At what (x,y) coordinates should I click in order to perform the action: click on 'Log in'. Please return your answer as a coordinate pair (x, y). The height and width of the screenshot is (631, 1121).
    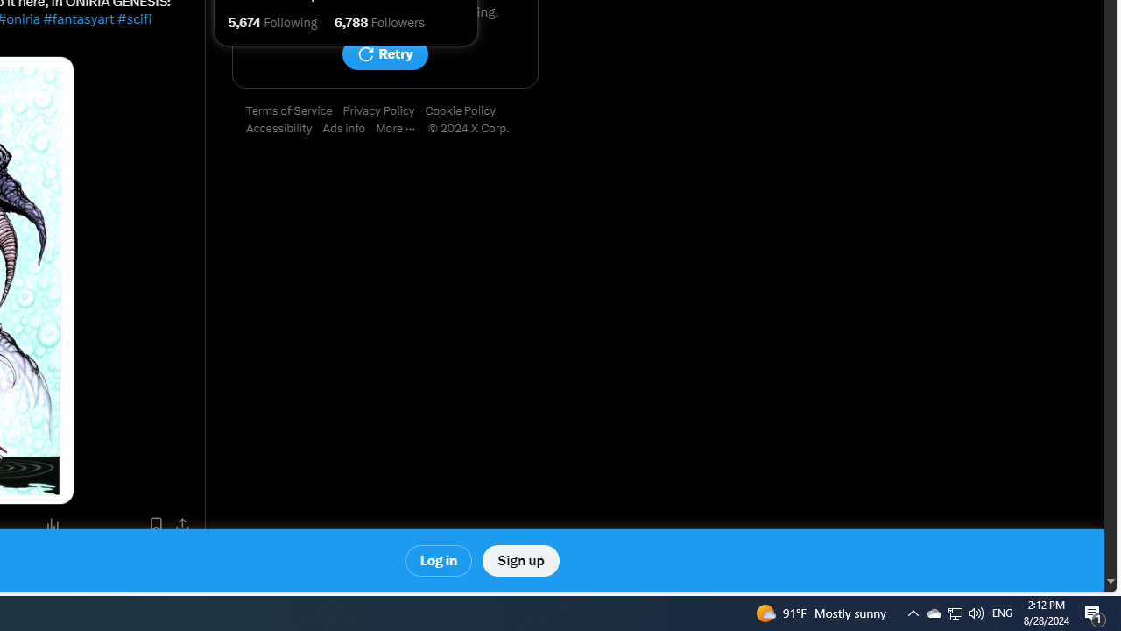
    Looking at the image, I should click on (439, 561).